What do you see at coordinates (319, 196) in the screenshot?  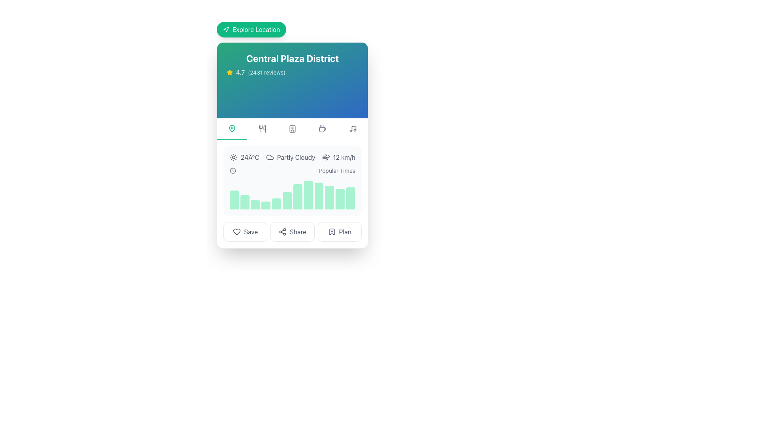 I see `the ninth bar in a histogram, which is a rectangular bar with a rounded top and filled with a light green color, located in the center-right of the card layout` at bounding box center [319, 196].